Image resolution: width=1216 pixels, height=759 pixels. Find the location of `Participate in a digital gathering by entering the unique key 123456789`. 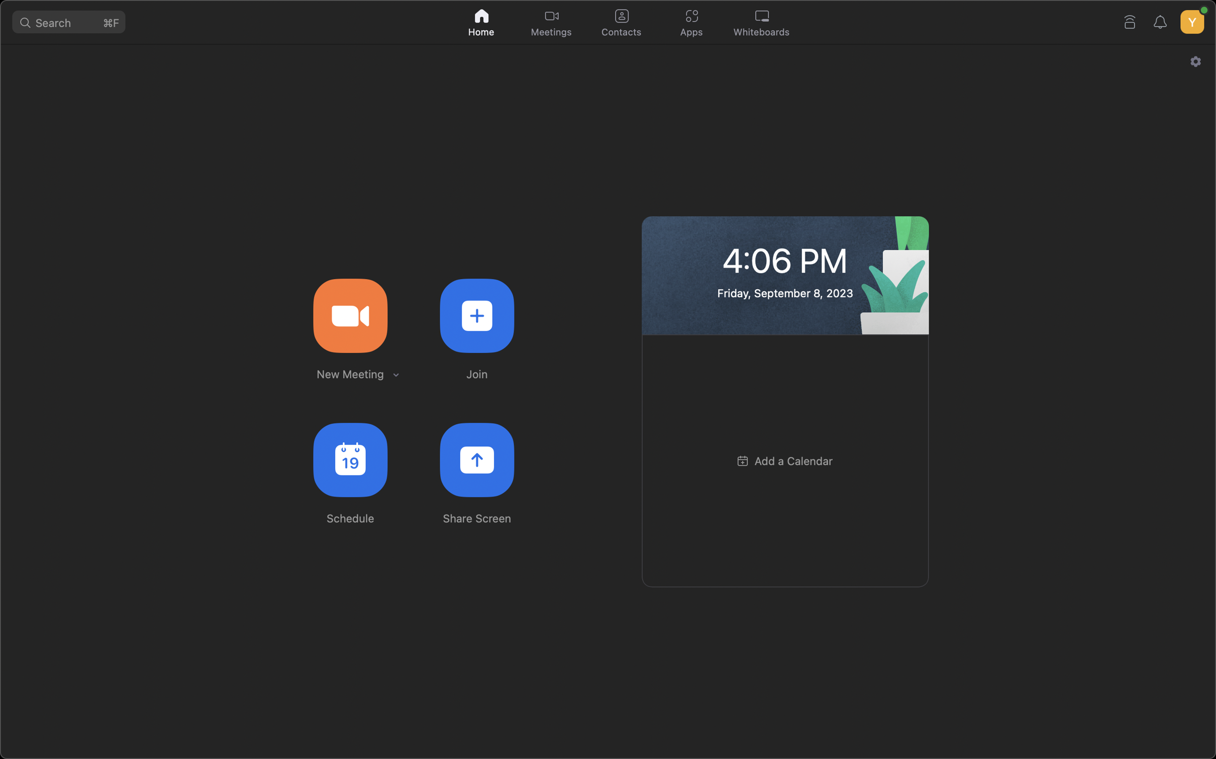

Participate in a digital gathering by entering the unique key 123456789 is located at coordinates (476, 314).